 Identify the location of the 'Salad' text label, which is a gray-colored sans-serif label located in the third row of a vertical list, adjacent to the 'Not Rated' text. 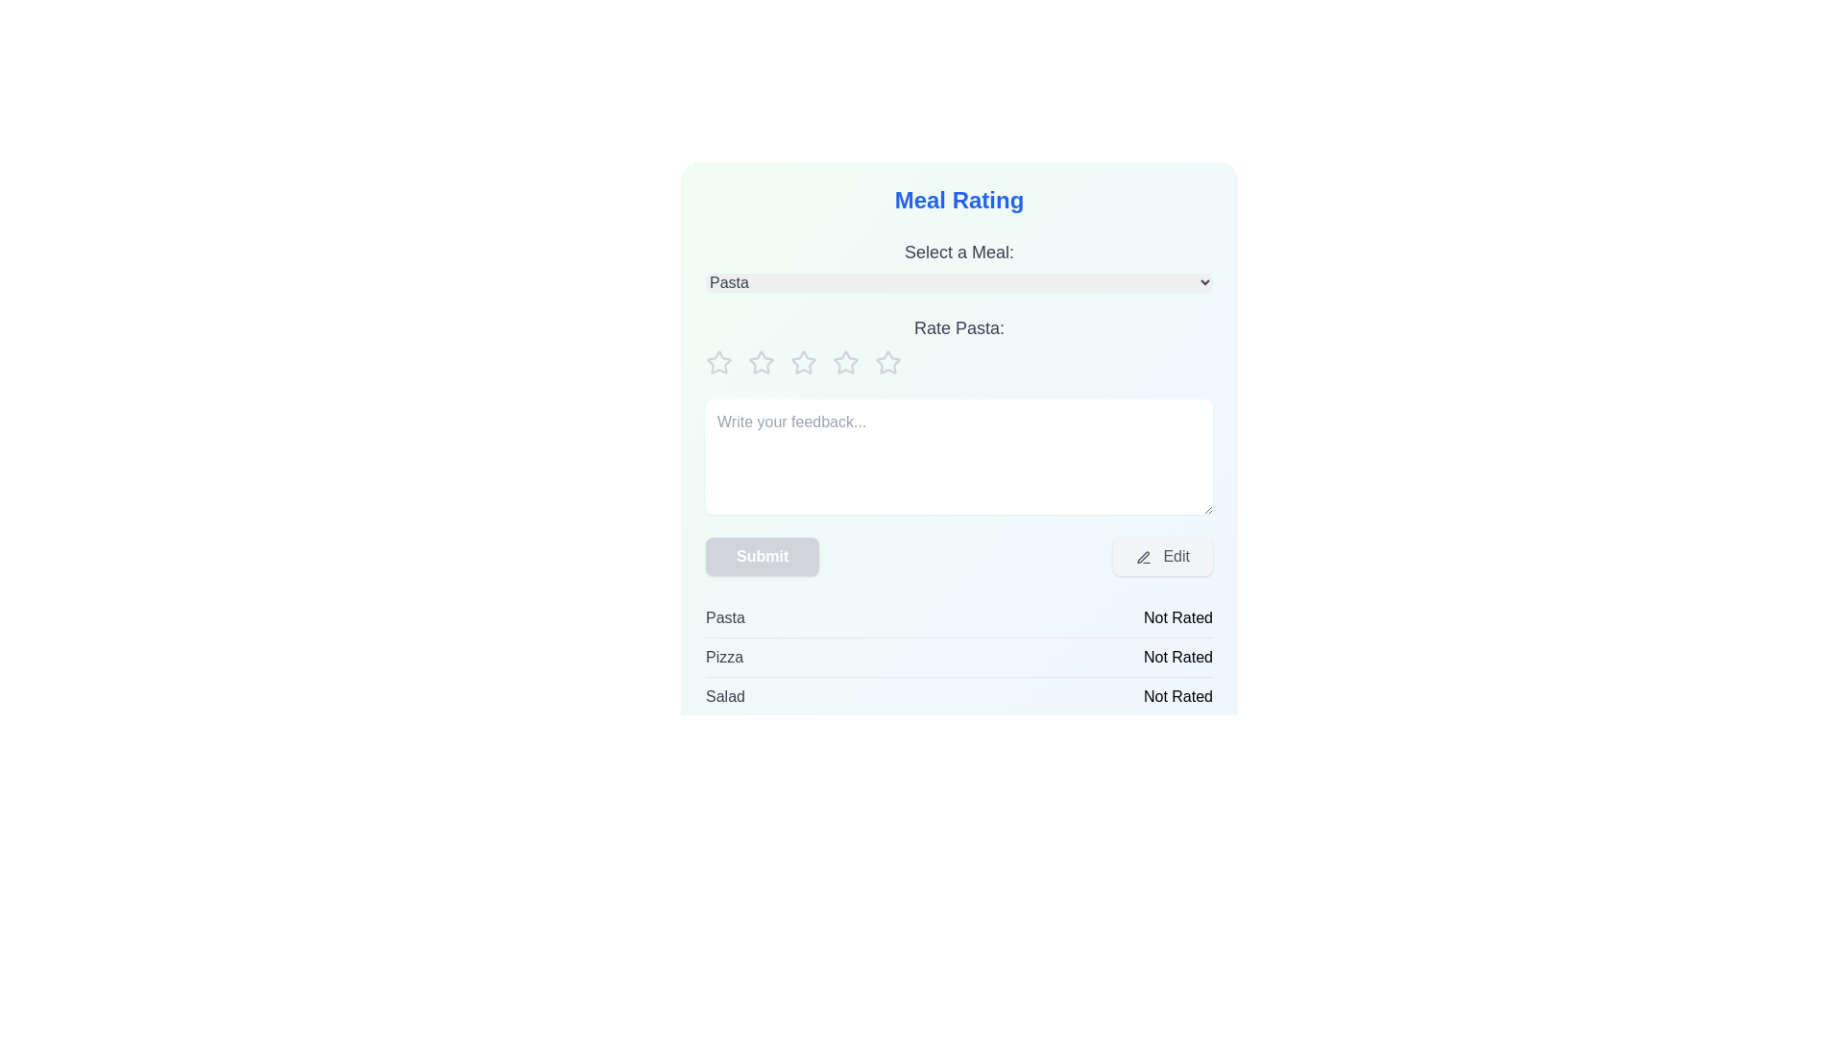
(724, 696).